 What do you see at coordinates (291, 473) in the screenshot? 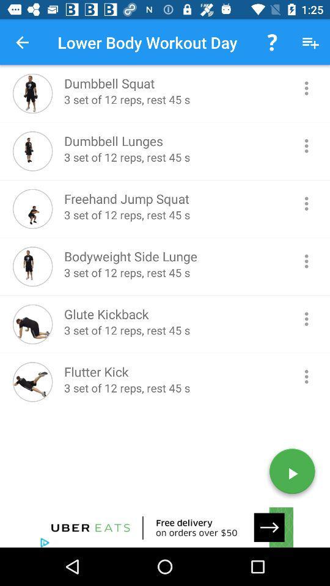
I see `the play icon` at bounding box center [291, 473].